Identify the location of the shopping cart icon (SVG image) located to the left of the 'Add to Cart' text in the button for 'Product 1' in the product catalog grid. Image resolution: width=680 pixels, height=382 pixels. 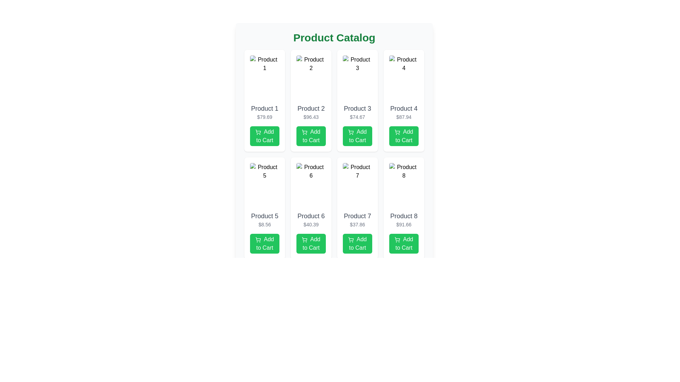
(258, 132).